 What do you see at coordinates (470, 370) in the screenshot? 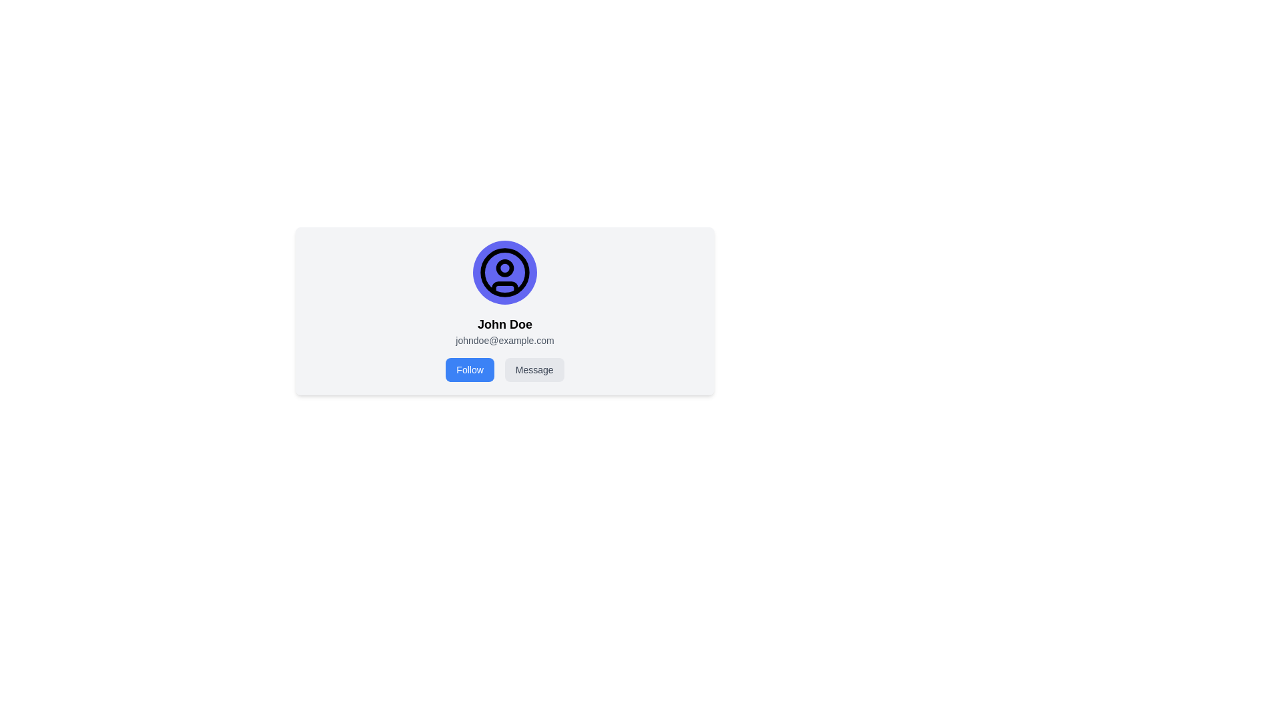
I see `the 'Follow' button, which has a blue background and white text, located beneath the user information section and to the left of the 'Message' button` at bounding box center [470, 370].